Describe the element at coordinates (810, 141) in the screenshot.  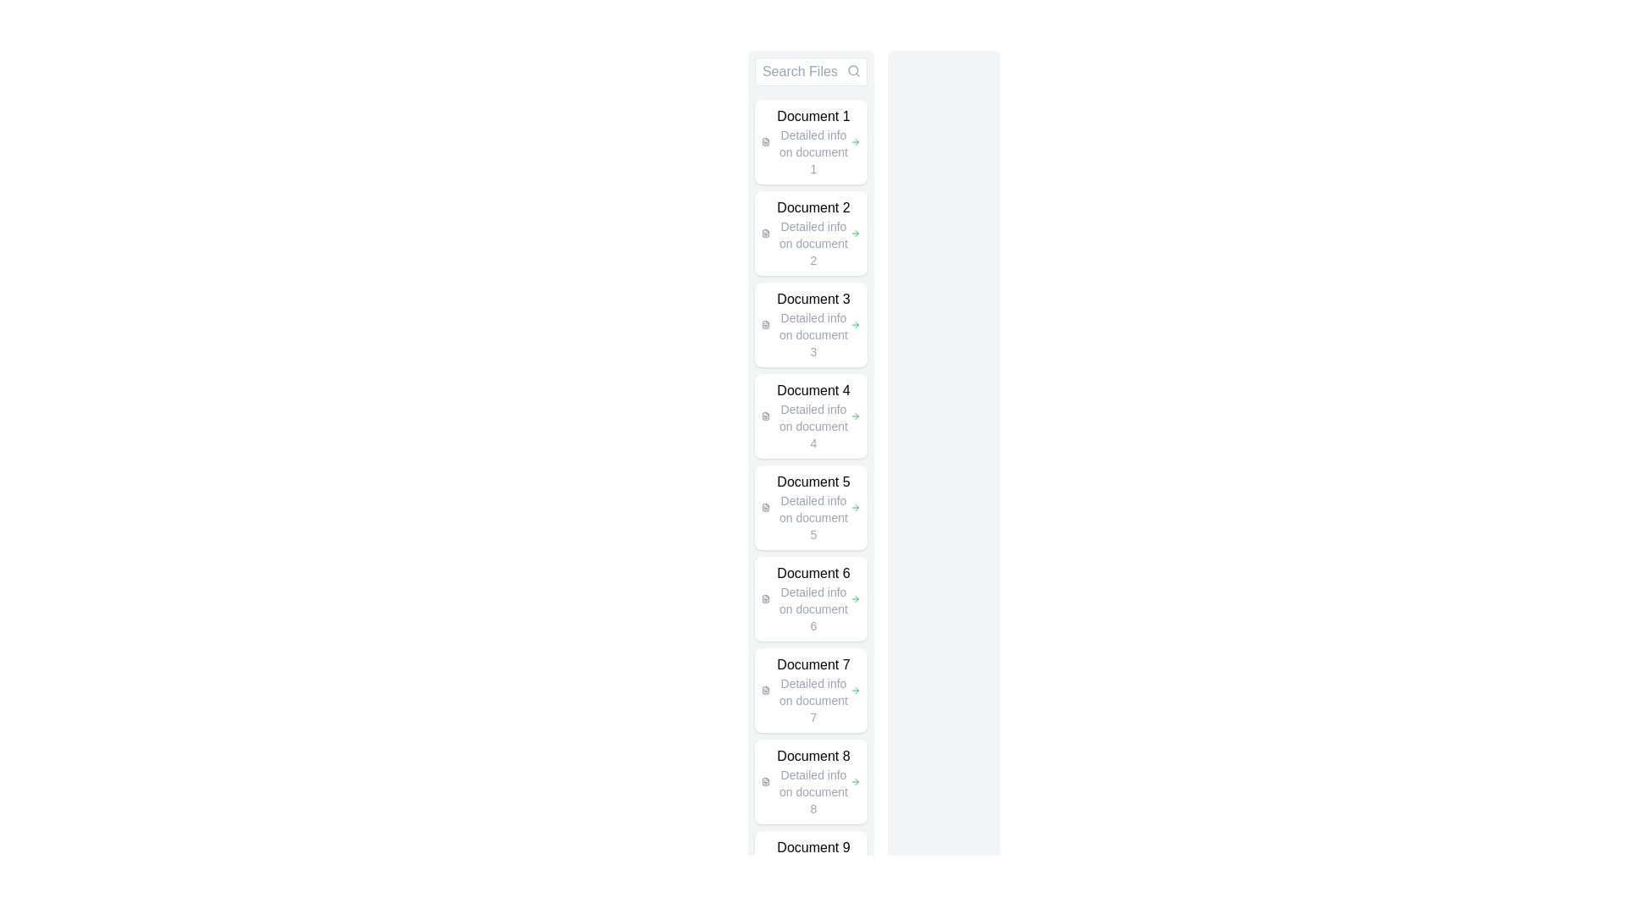
I see `document description for the first entry in the 'Search Files' list item representing 'Document 1'` at that location.